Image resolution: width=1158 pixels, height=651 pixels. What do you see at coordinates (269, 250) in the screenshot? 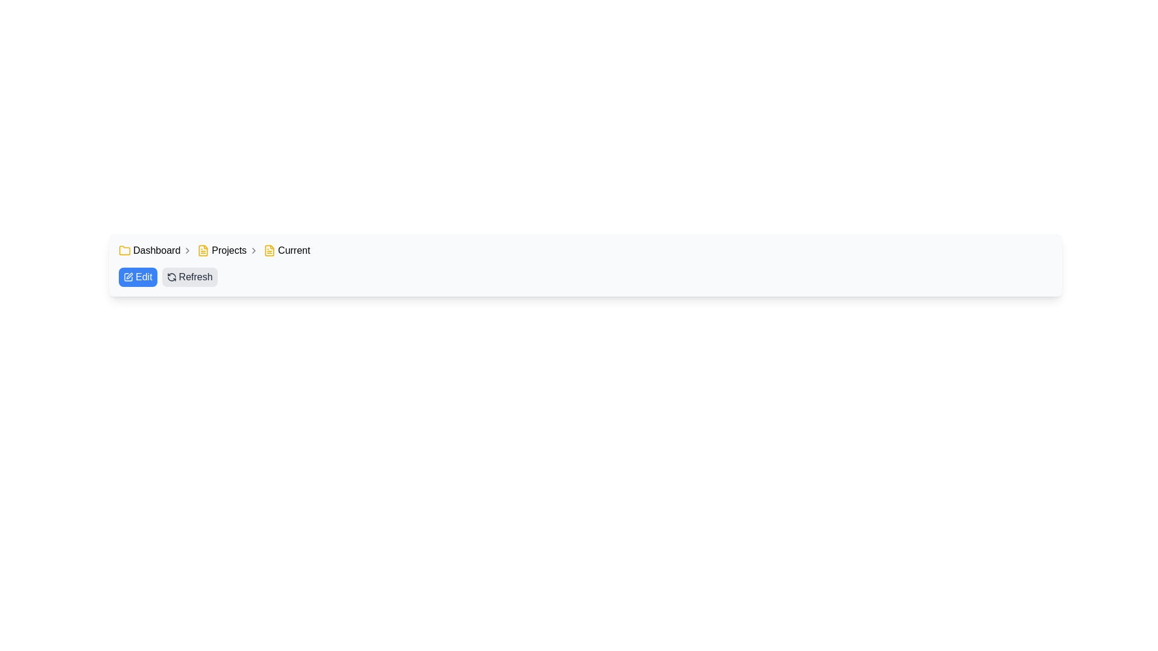
I see `document icon in the breadcrumb navigation located next to the 'Projects' text by using developer tools` at bounding box center [269, 250].